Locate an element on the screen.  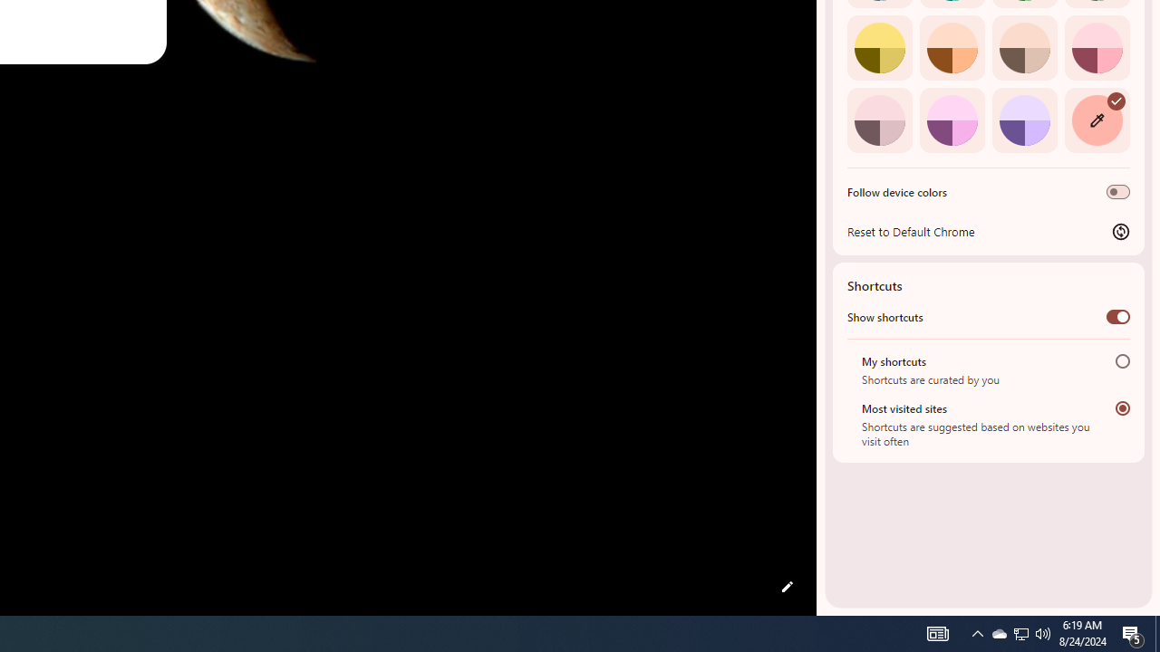
'Custom color' is located at coordinates (1096, 120).